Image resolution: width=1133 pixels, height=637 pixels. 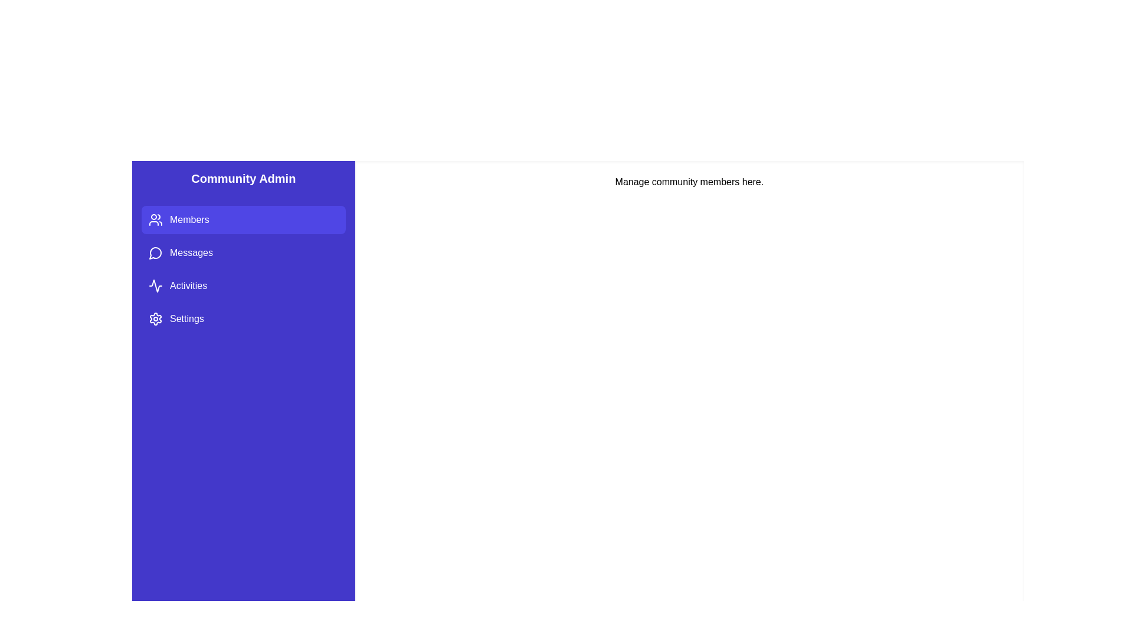 What do you see at coordinates (243, 220) in the screenshot?
I see `the first button in the left sidebar` at bounding box center [243, 220].